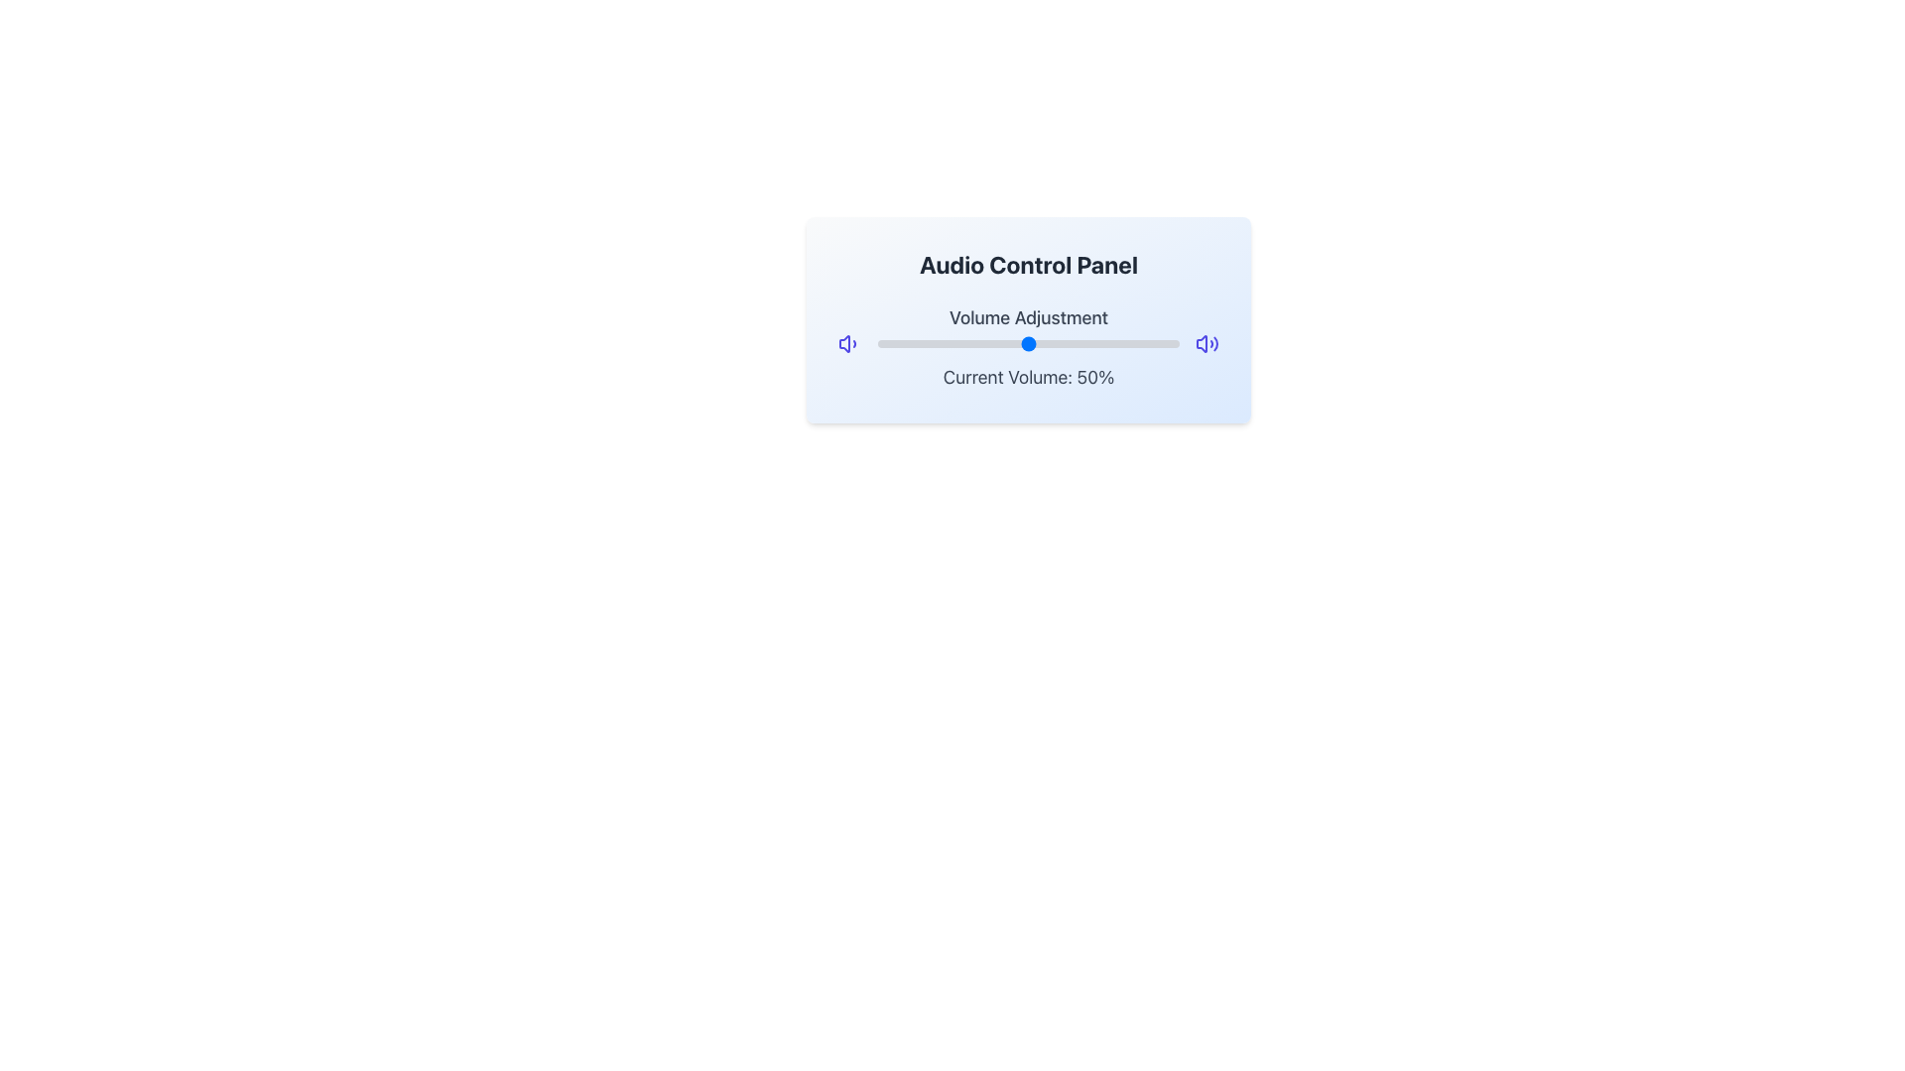 Image resolution: width=1905 pixels, height=1071 pixels. I want to click on the volume, so click(986, 339).